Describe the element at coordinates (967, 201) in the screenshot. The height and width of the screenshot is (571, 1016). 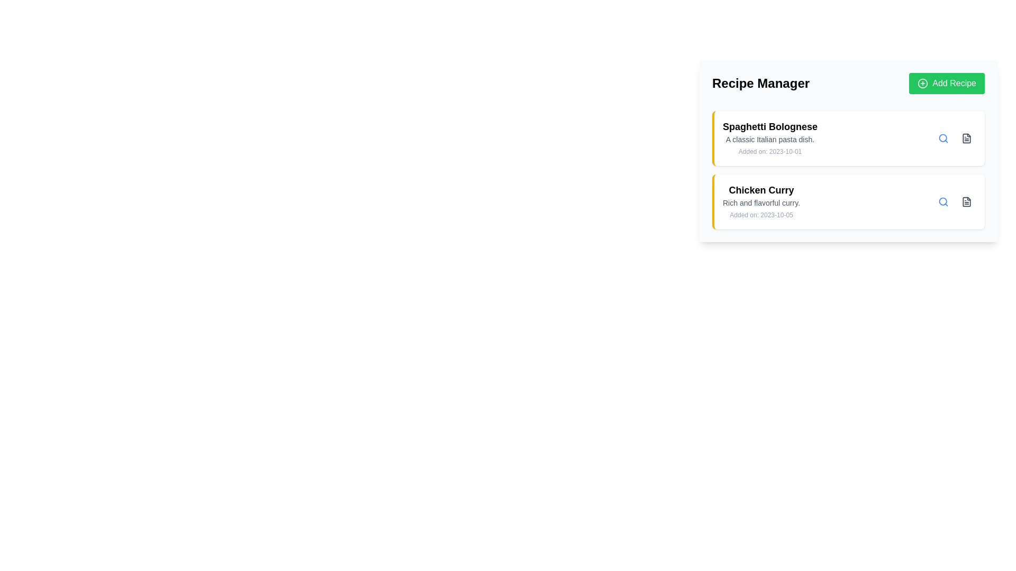
I see `the document icon in the 'Recipe Manager' interface, located near the right edge of the 'Chicken Curry' list item` at that location.